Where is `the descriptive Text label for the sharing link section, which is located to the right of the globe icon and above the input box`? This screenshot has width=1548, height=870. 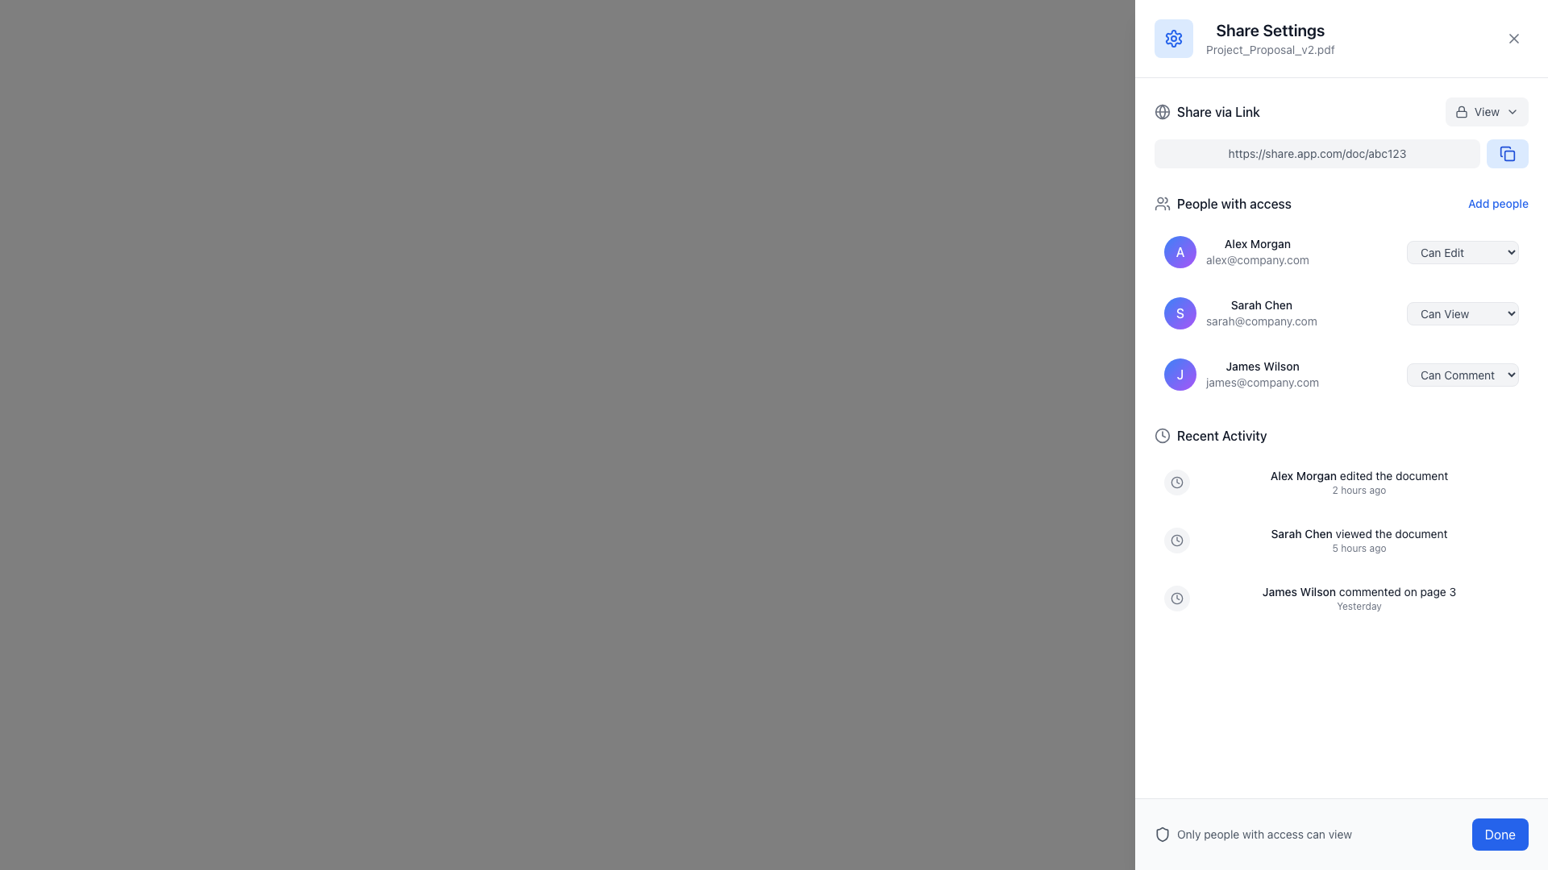
the descriptive Text label for the sharing link section, which is located to the right of the globe icon and above the input box is located at coordinates (1218, 110).